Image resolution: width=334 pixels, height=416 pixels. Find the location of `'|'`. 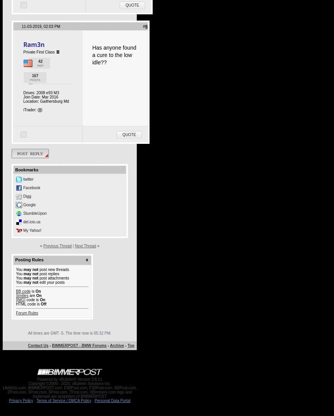

'|' is located at coordinates (73, 245).